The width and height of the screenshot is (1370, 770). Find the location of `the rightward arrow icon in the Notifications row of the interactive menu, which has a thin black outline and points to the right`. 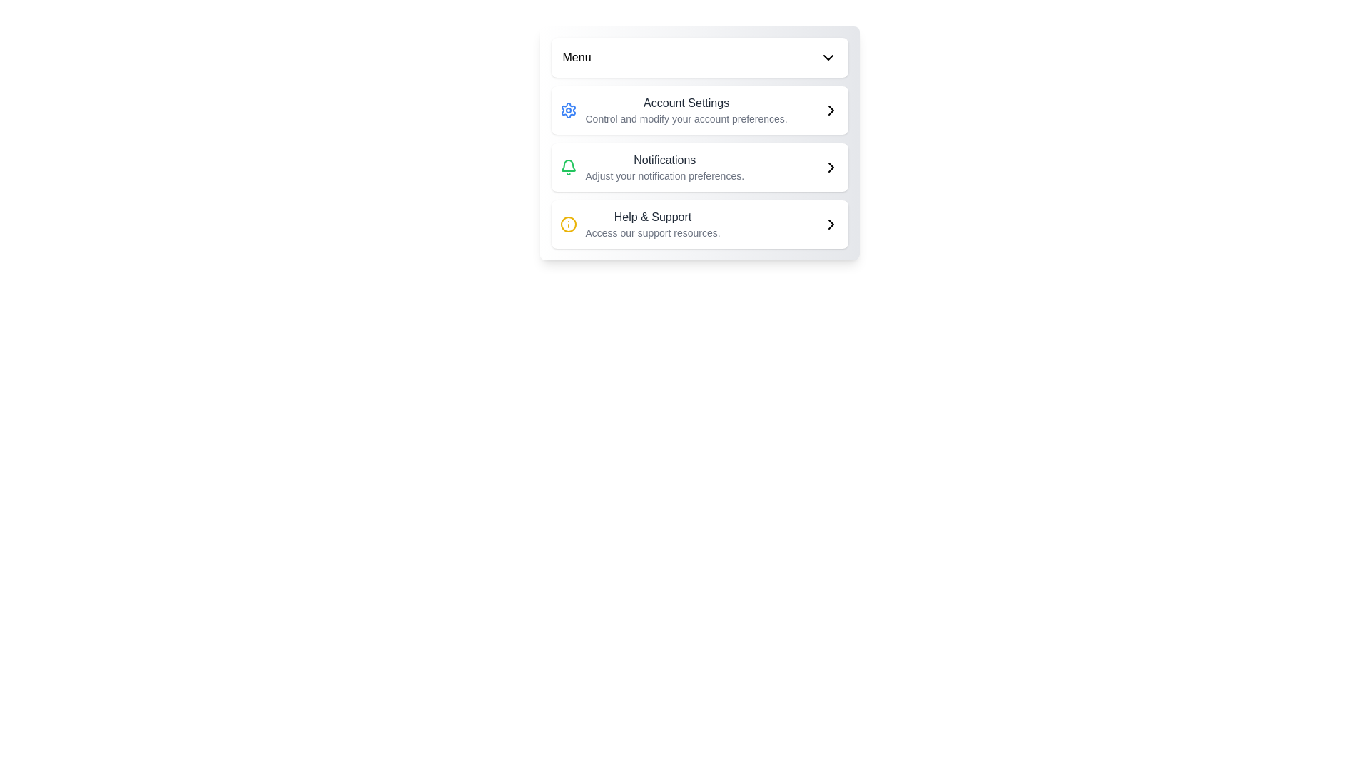

the rightward arrow icon in the Notifications row of the interactive menu, which has a thin black outline and points to the right is located at coordinates (831, 167).